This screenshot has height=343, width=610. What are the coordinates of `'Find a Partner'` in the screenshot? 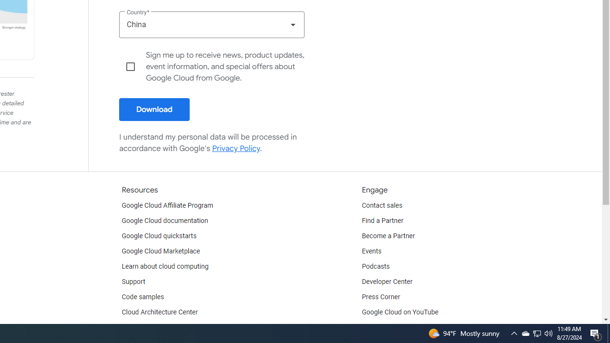 It's located at (383, 221).